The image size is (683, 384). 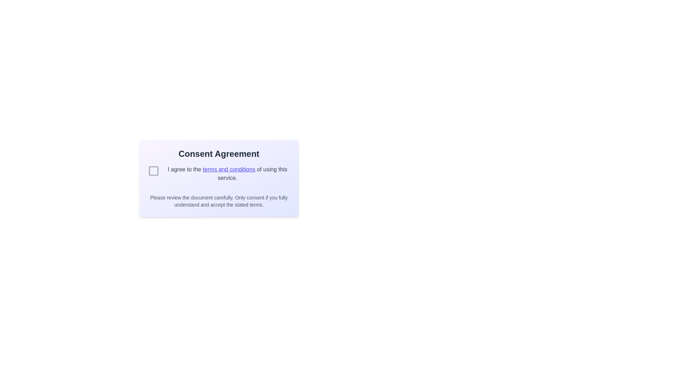 I want to click on the advisory text element that reads 'Please review the document carefully. Only consent if you fully understand and accept the stated terms.' located in the Consent Agreement section, so click(x=218, y=198).